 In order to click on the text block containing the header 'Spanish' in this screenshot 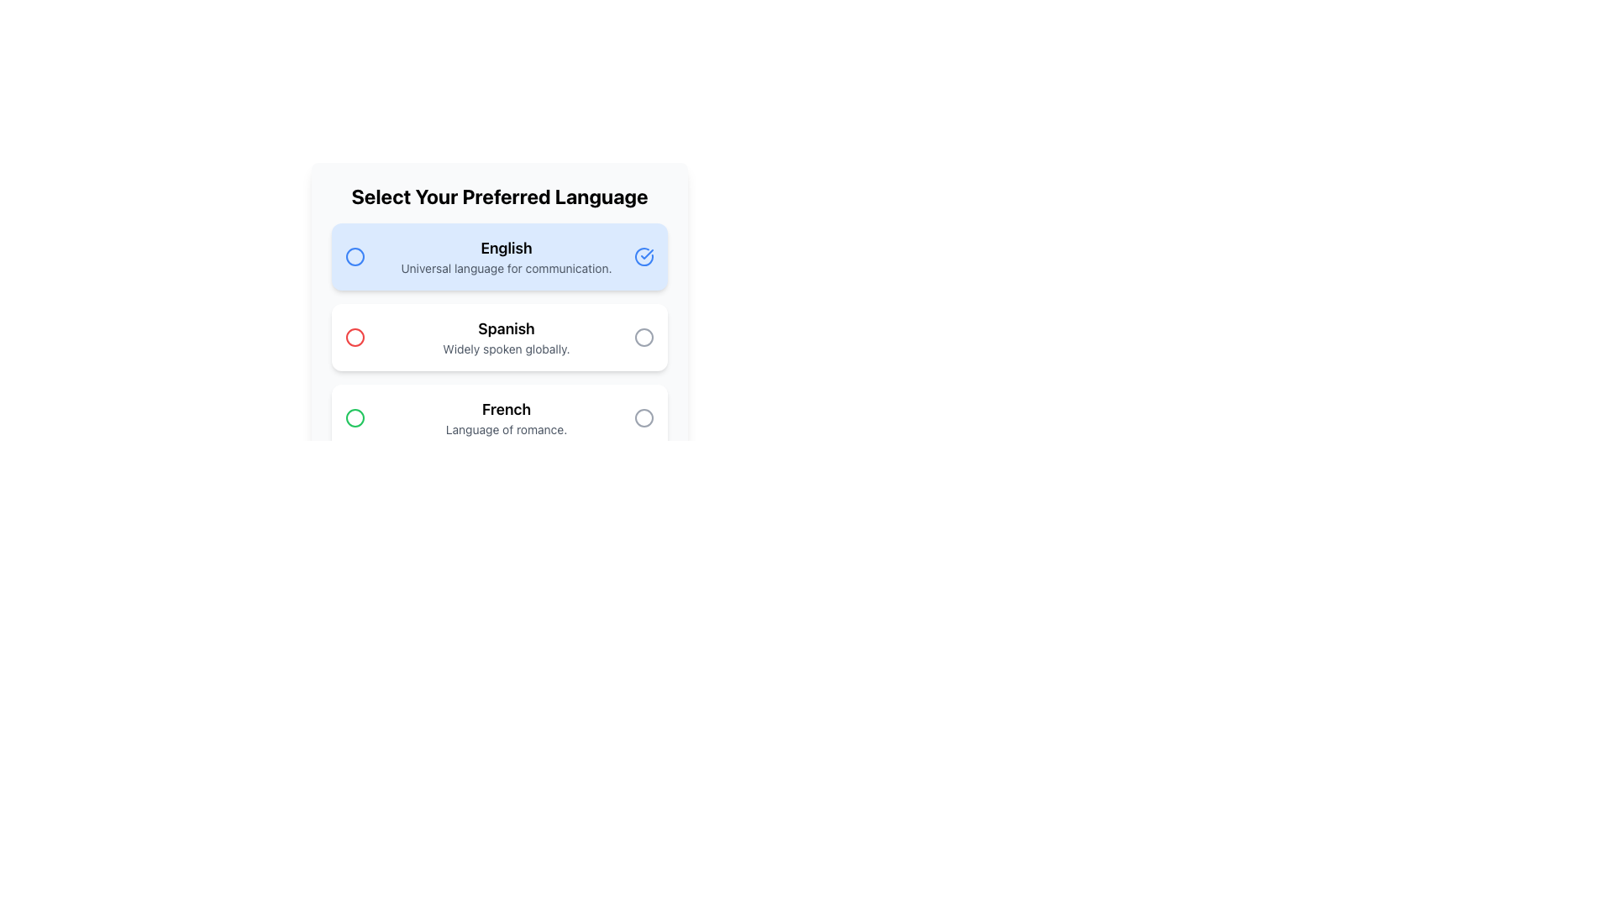, I will do `click(506, 337)`.